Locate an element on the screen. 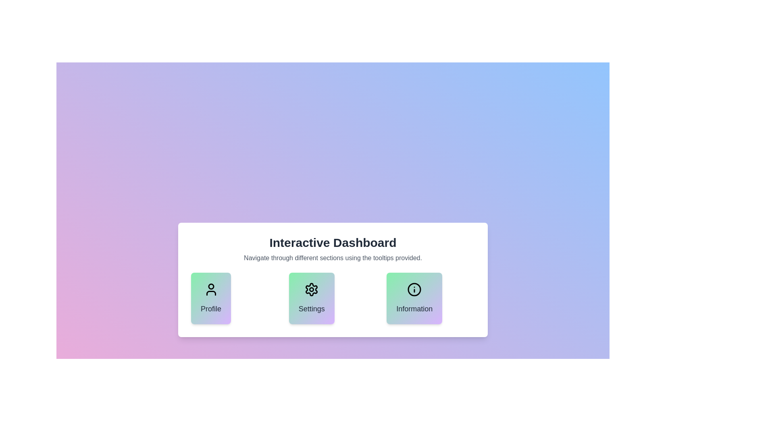 This screenshot has height=435, width=774. the settings icon button located at the center of the interface is located at coordinates (311, 289).